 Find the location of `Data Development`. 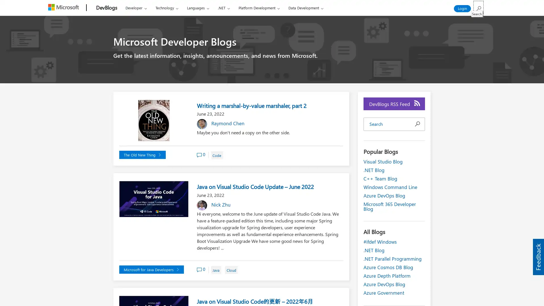

Data Development is located at coordinates (305, 8).